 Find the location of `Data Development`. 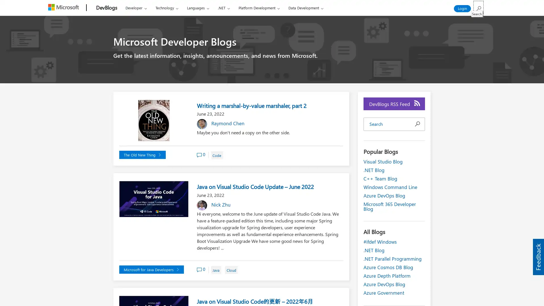

Data Development is located at coordinates (305, 8).